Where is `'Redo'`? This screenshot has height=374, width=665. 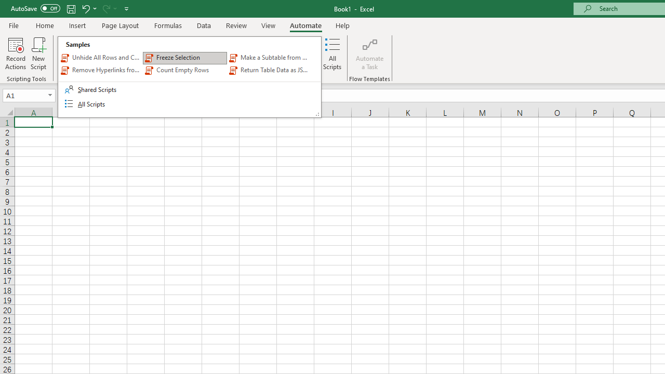
'Redo' is located at coordinates (105, 8).